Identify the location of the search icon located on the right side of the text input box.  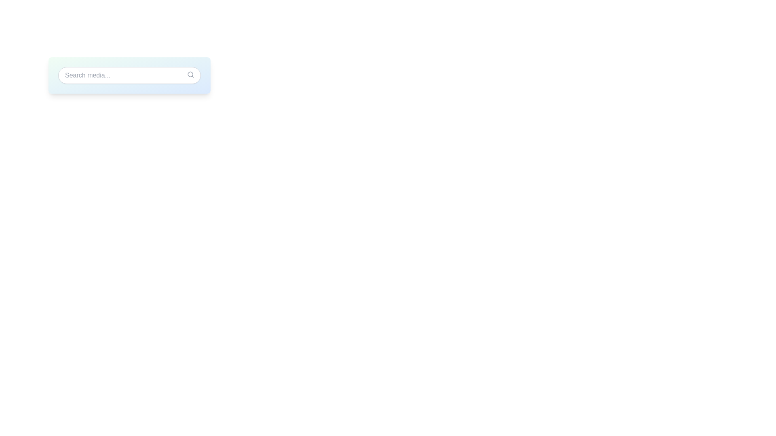
(190, 75).